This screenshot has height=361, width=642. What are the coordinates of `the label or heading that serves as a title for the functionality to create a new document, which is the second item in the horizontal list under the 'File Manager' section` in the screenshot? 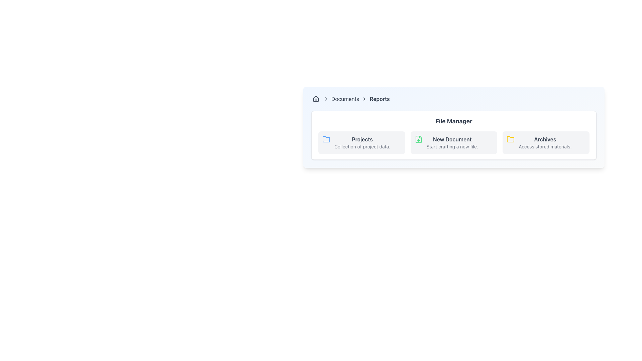 It's located at (452, 139).